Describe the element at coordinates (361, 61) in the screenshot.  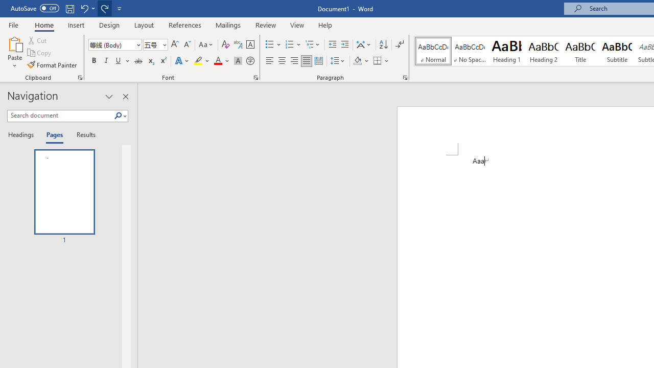
I see `'Shading'` at that location.